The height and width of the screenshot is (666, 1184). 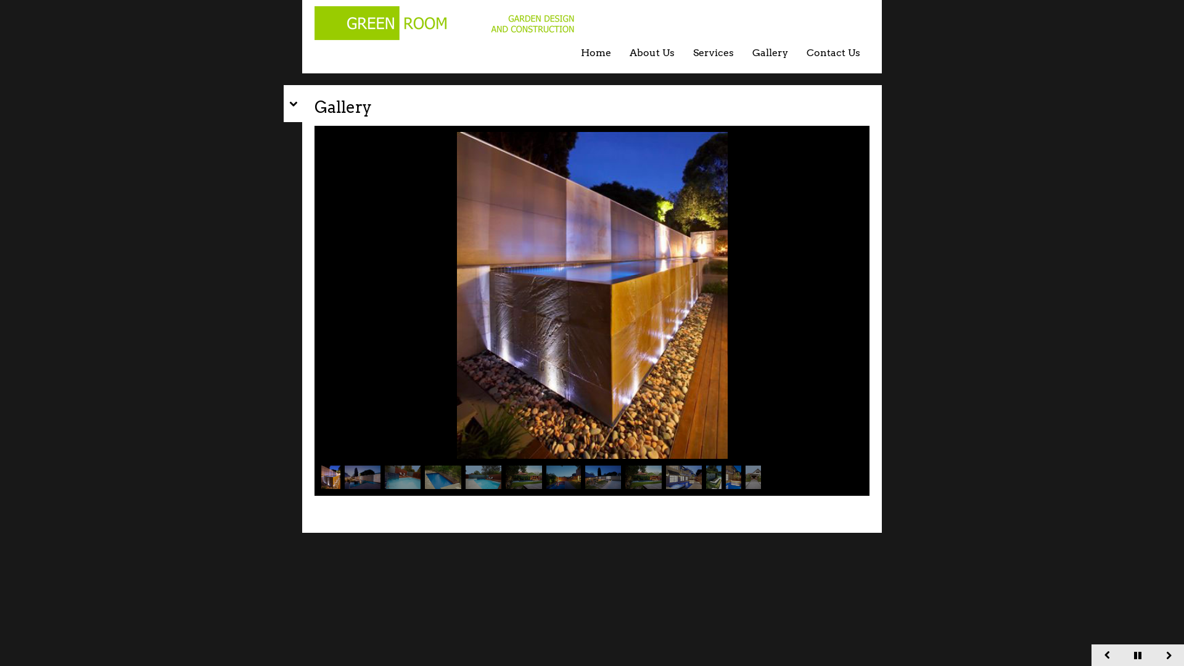 I want to click on 'Contact Us', so click(x=833, y=52).